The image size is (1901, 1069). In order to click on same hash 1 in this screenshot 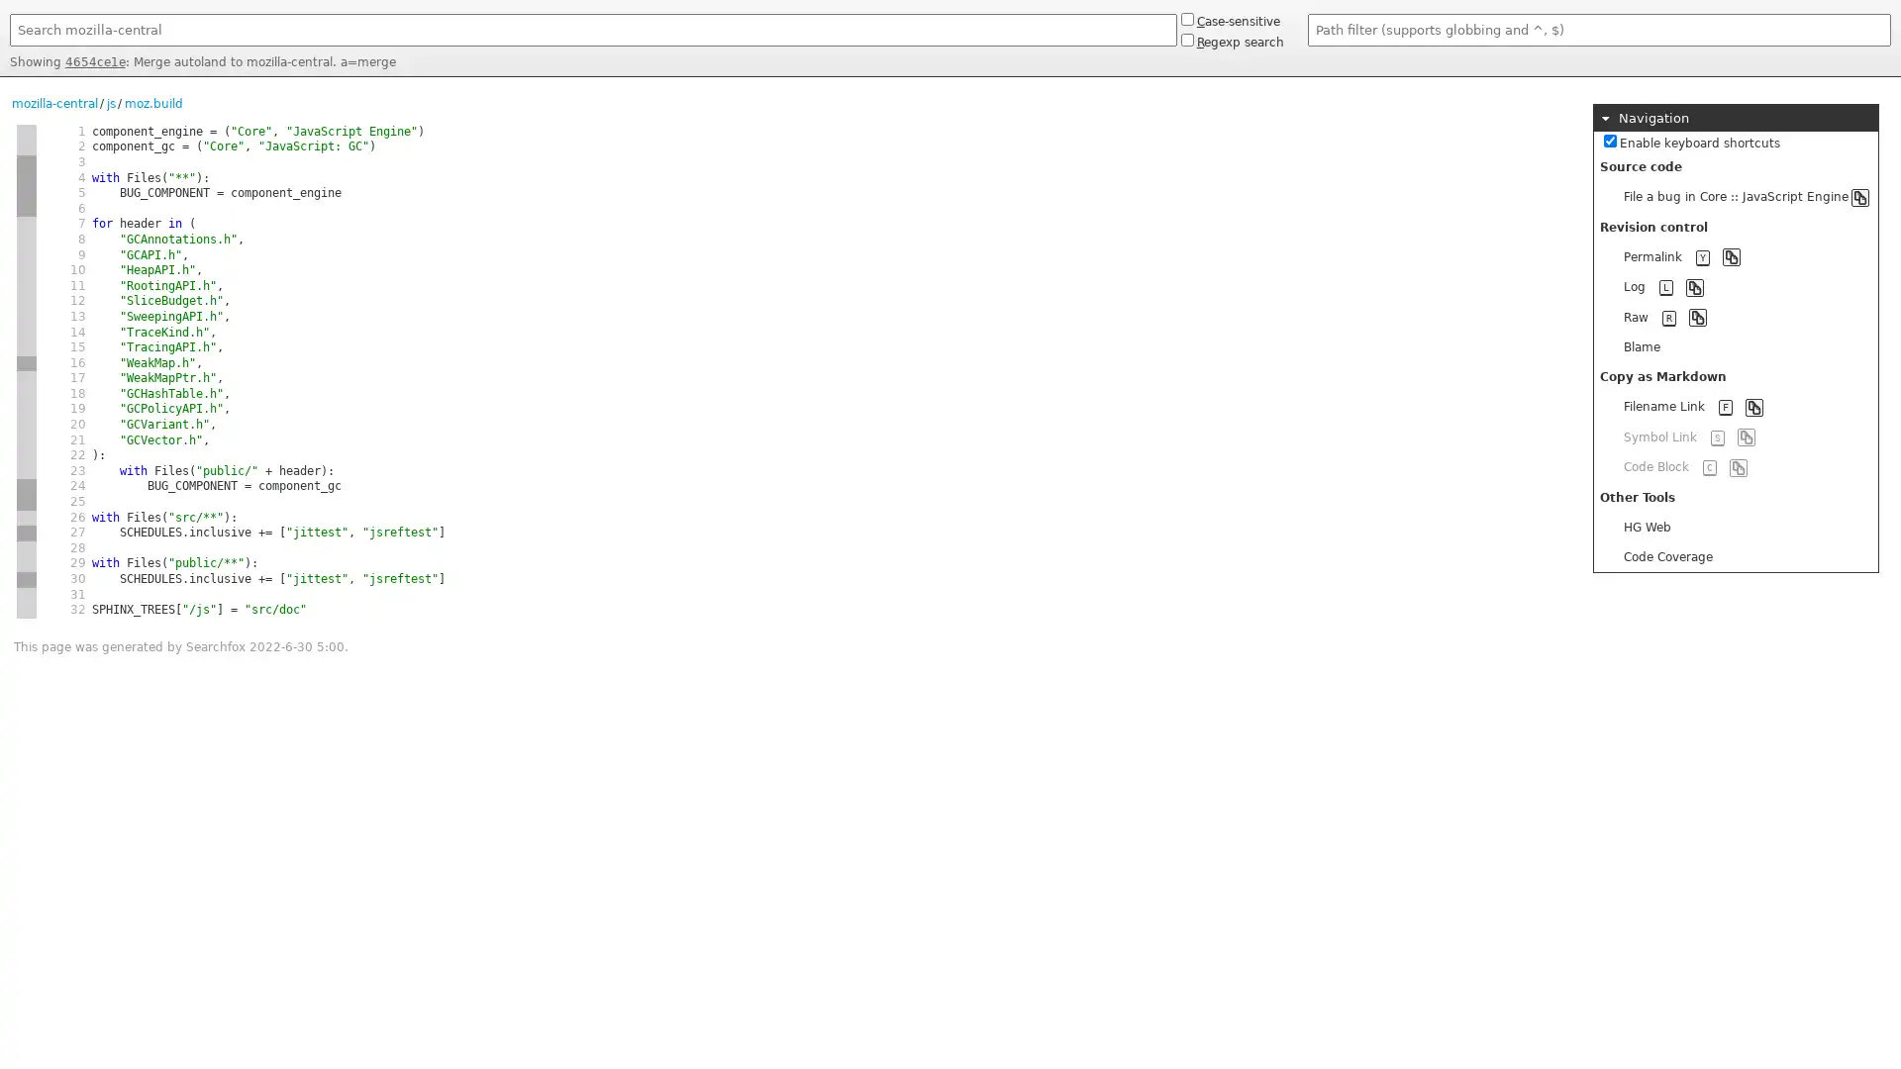, I will do `click(27, 301)`.